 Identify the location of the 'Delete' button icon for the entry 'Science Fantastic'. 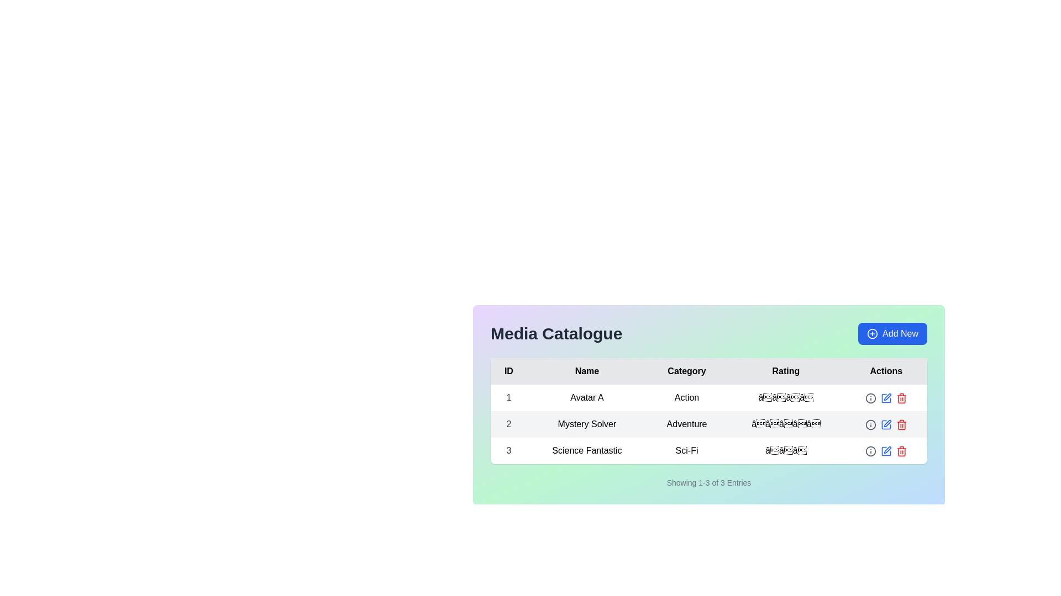
(901, 451).